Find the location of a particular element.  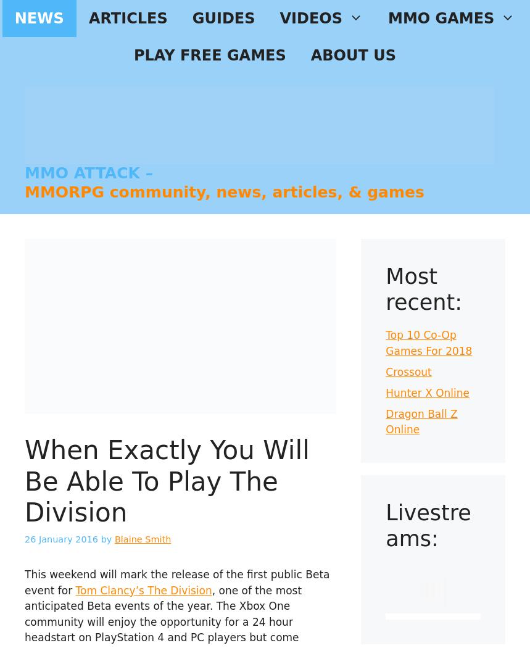

'MMO GAMES' is located at coordinates (441, 19).